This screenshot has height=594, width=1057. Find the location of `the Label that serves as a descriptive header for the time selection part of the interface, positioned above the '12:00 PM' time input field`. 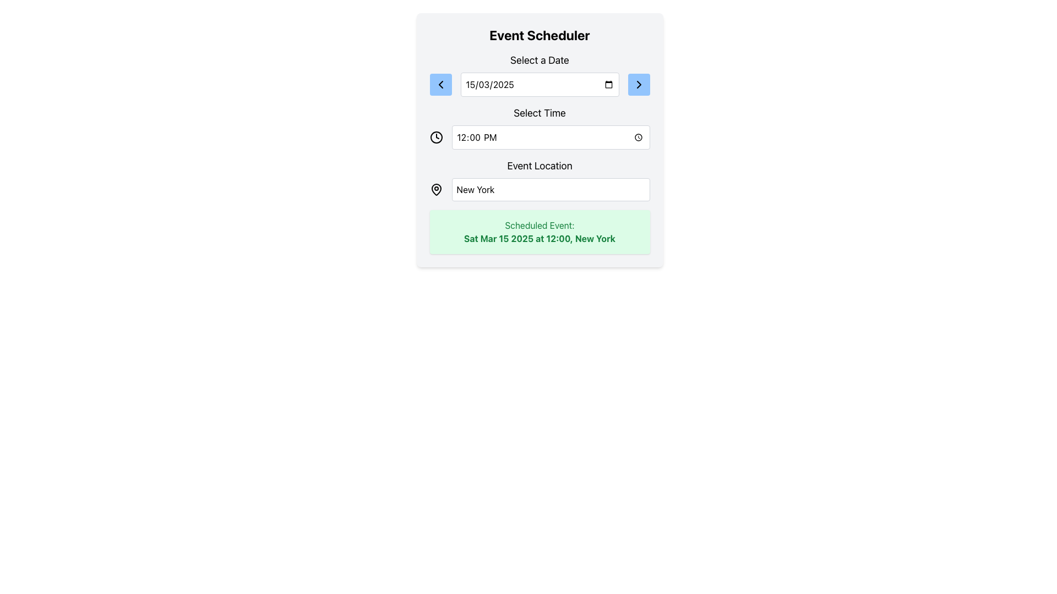

the Label that serves as a descriptive header for the time selection part of the interface, positioned above the '12:00 PM' time input field is located at coordinates (540, 113).